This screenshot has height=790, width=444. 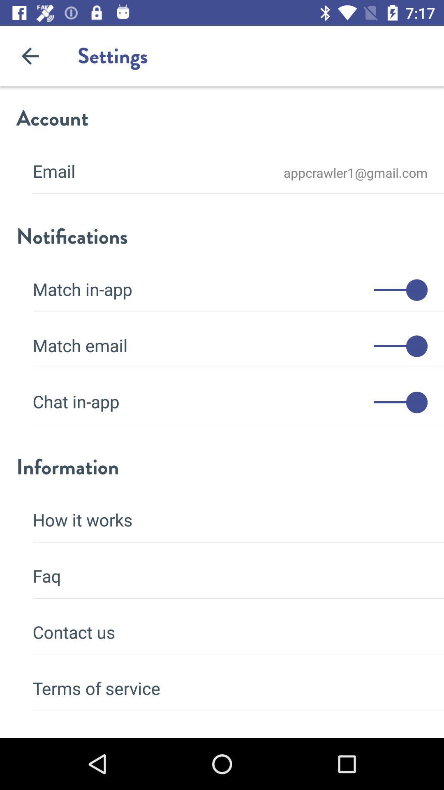 I want to click on the slider button which is before match inapp option, so click(x=400, y=290).